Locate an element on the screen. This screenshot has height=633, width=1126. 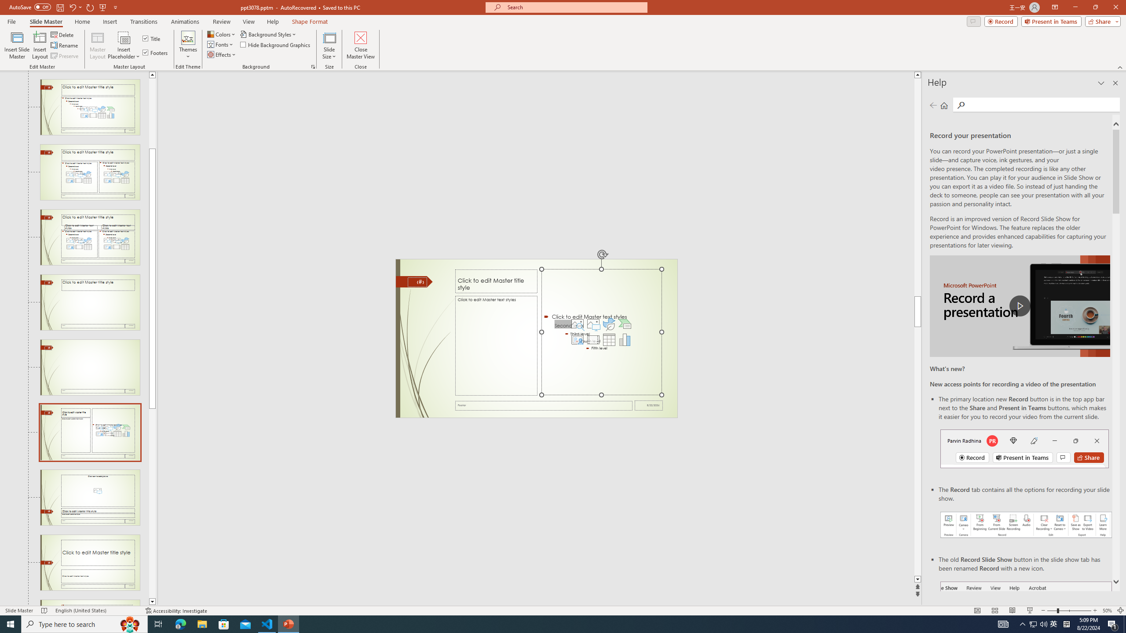
'Normal' is located at coordinates (977, 611).